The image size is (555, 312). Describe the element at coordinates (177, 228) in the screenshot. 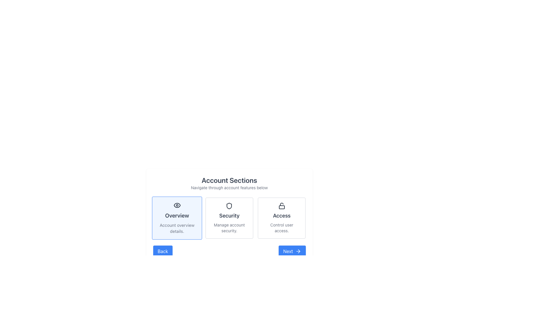

I see `the text display component that contains the text 'Account overview details.' located within the 'Overview' card structure` at that location.